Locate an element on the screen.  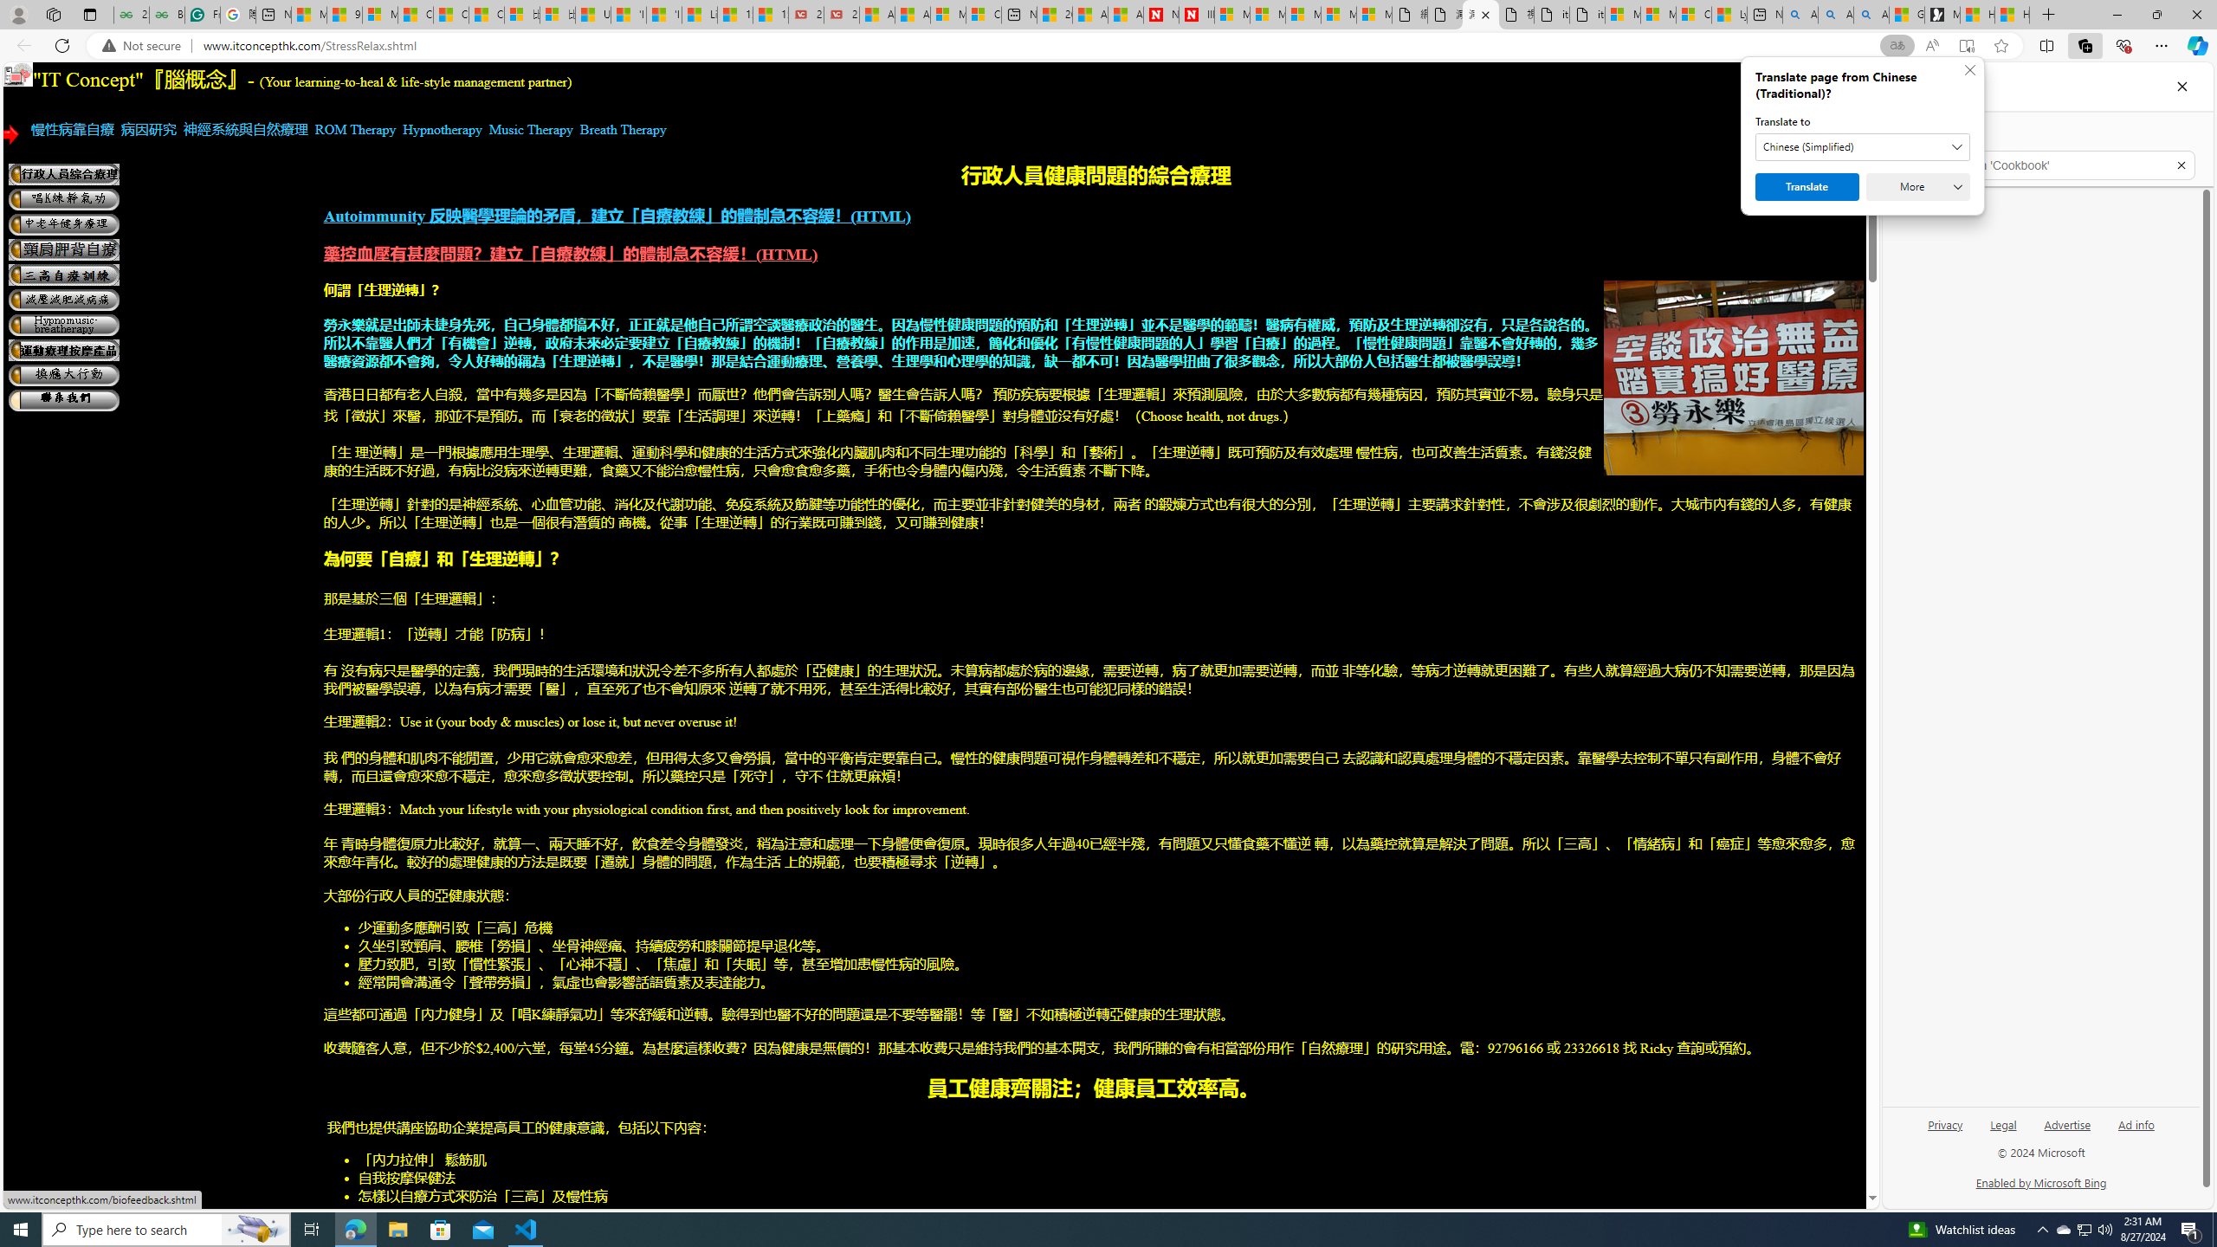
'Search in ' is located at coordinates (2047, 165).